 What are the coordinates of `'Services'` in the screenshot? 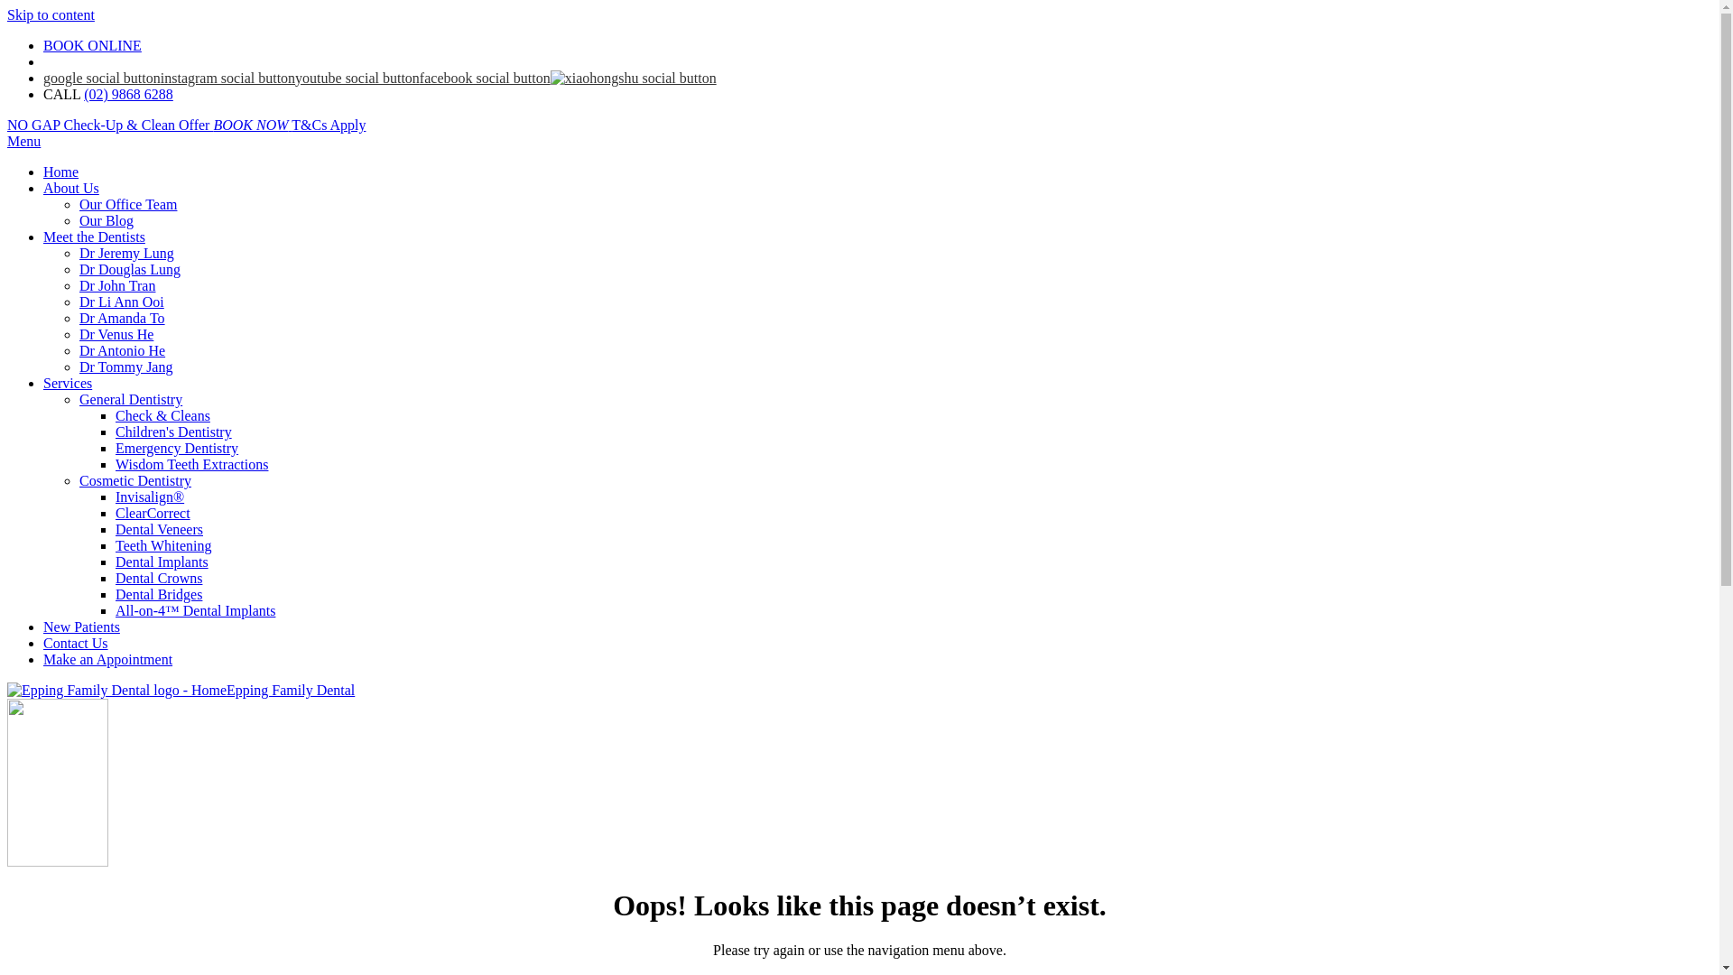 It's located at (43, 382).